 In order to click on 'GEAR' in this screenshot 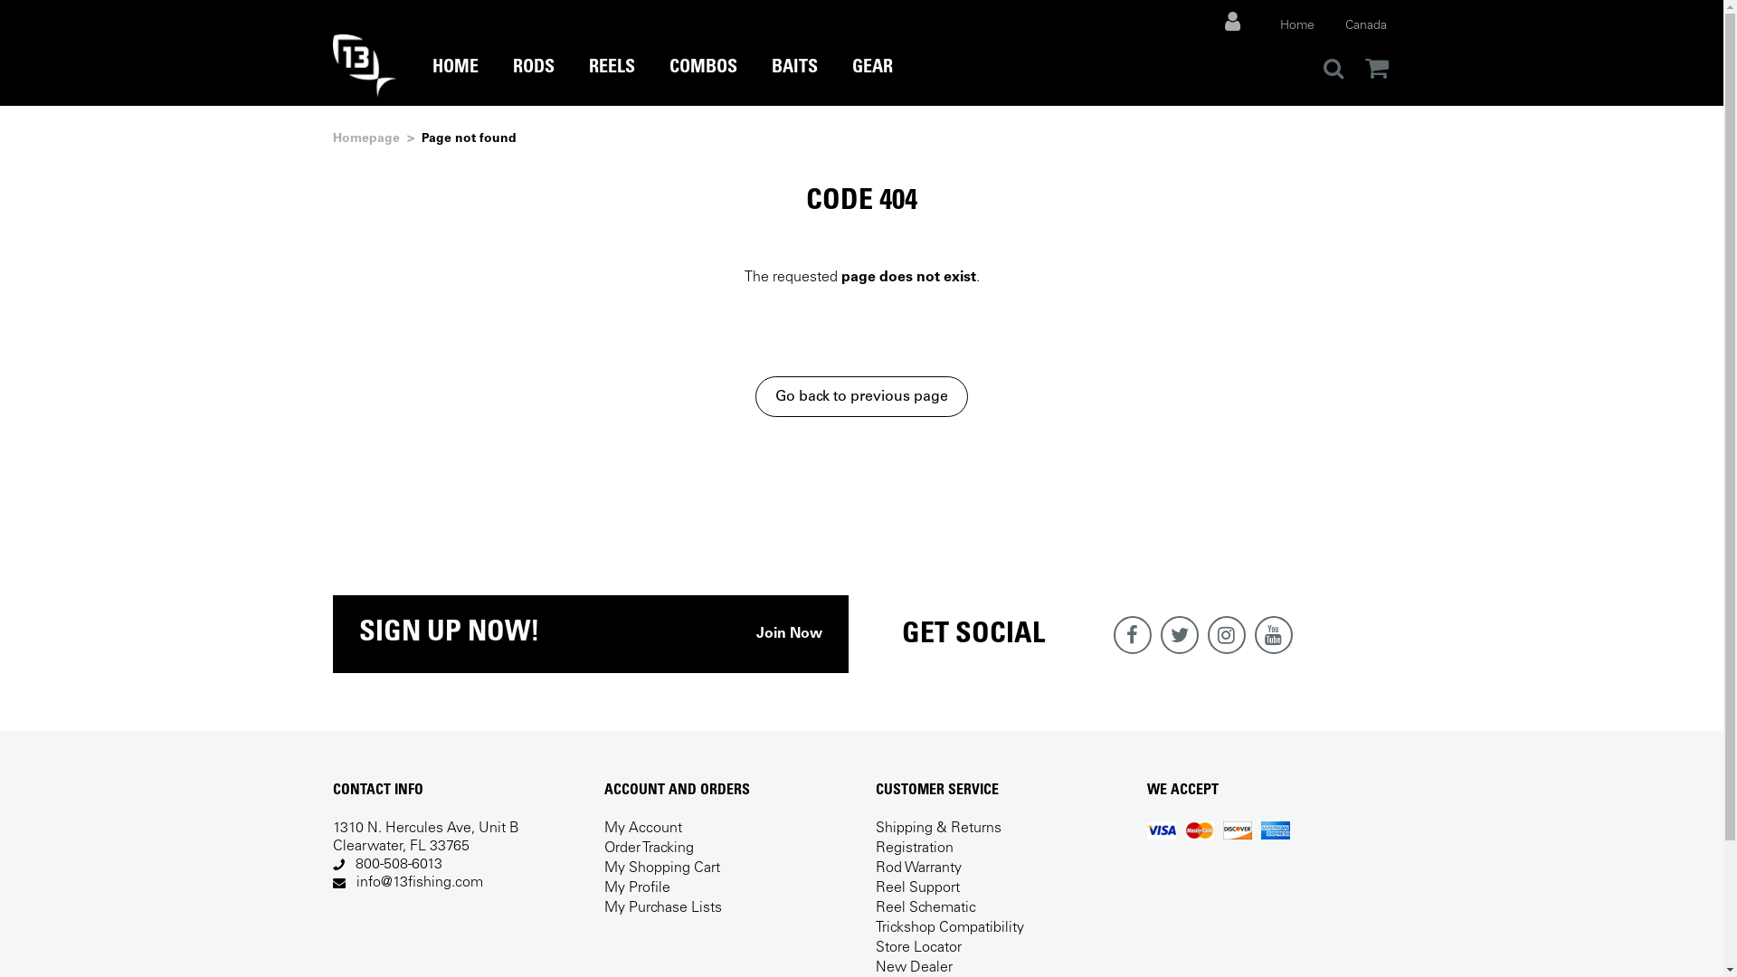, I will do `click(872, 81)`.